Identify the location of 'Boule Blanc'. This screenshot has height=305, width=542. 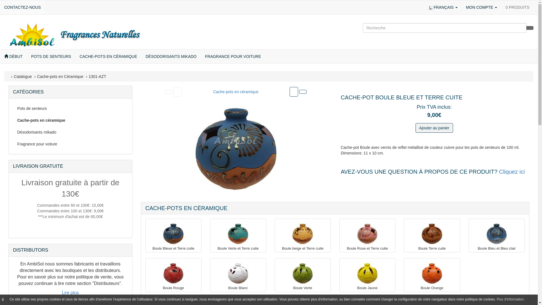
(226, 273).